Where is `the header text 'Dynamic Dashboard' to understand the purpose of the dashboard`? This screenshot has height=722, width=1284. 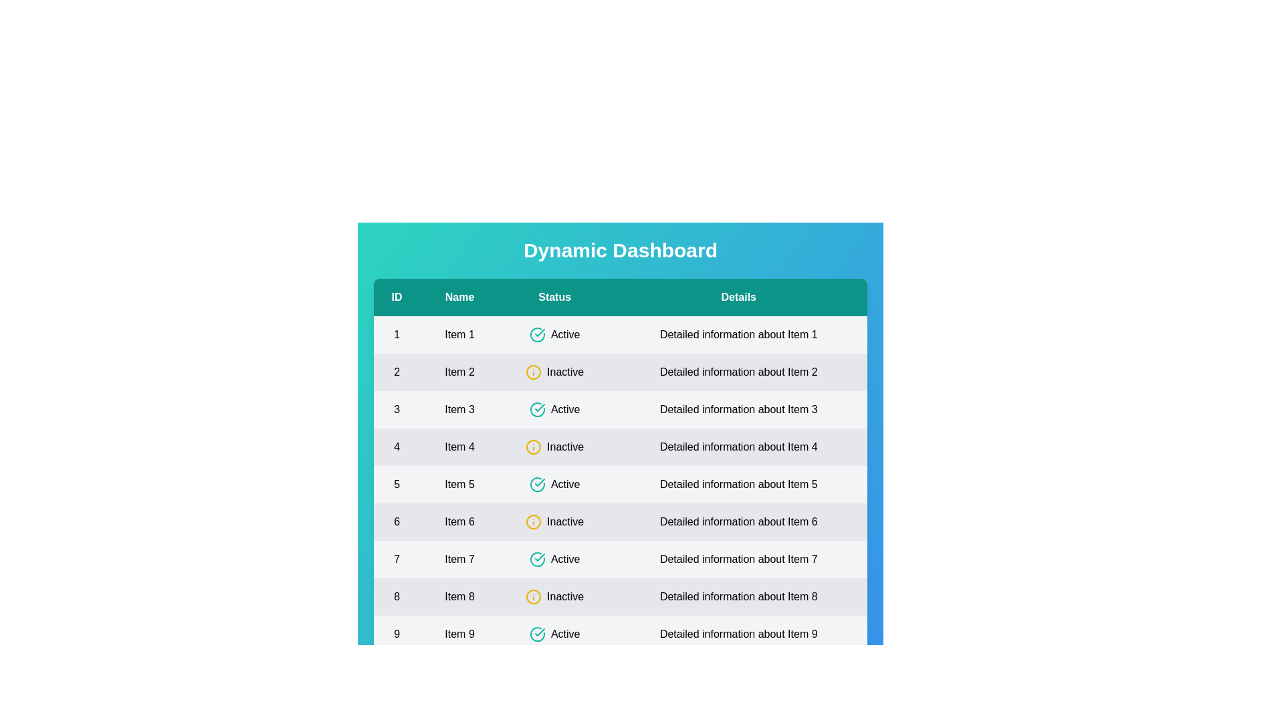
the header text 'Dynamic Dashboard' to understand the purpose of the dashboard is located at coordinates (619, 250).